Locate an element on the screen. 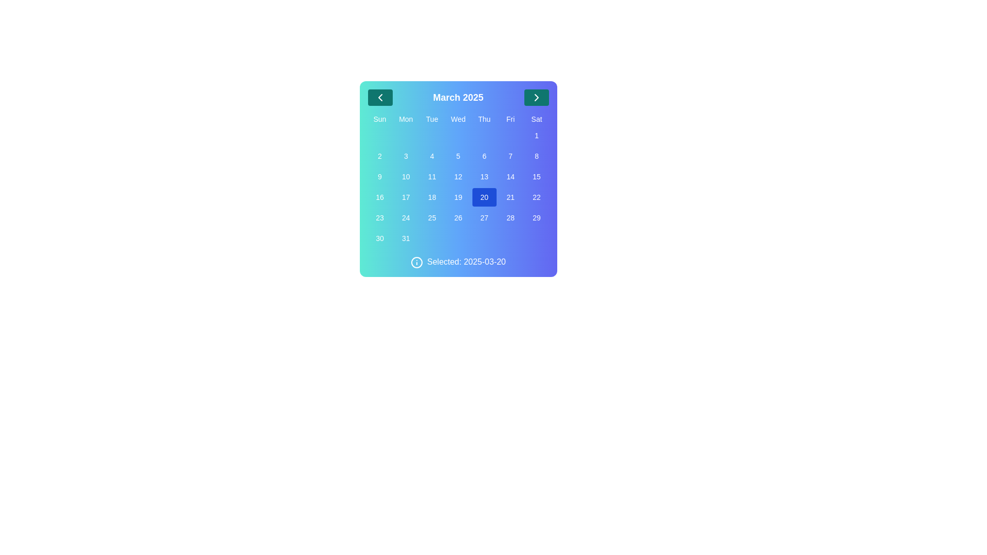 The image size is (987, 555). the static text label indicating 'Monday' in the weekly header row of the calendar view is located at coordinates (405, 118).